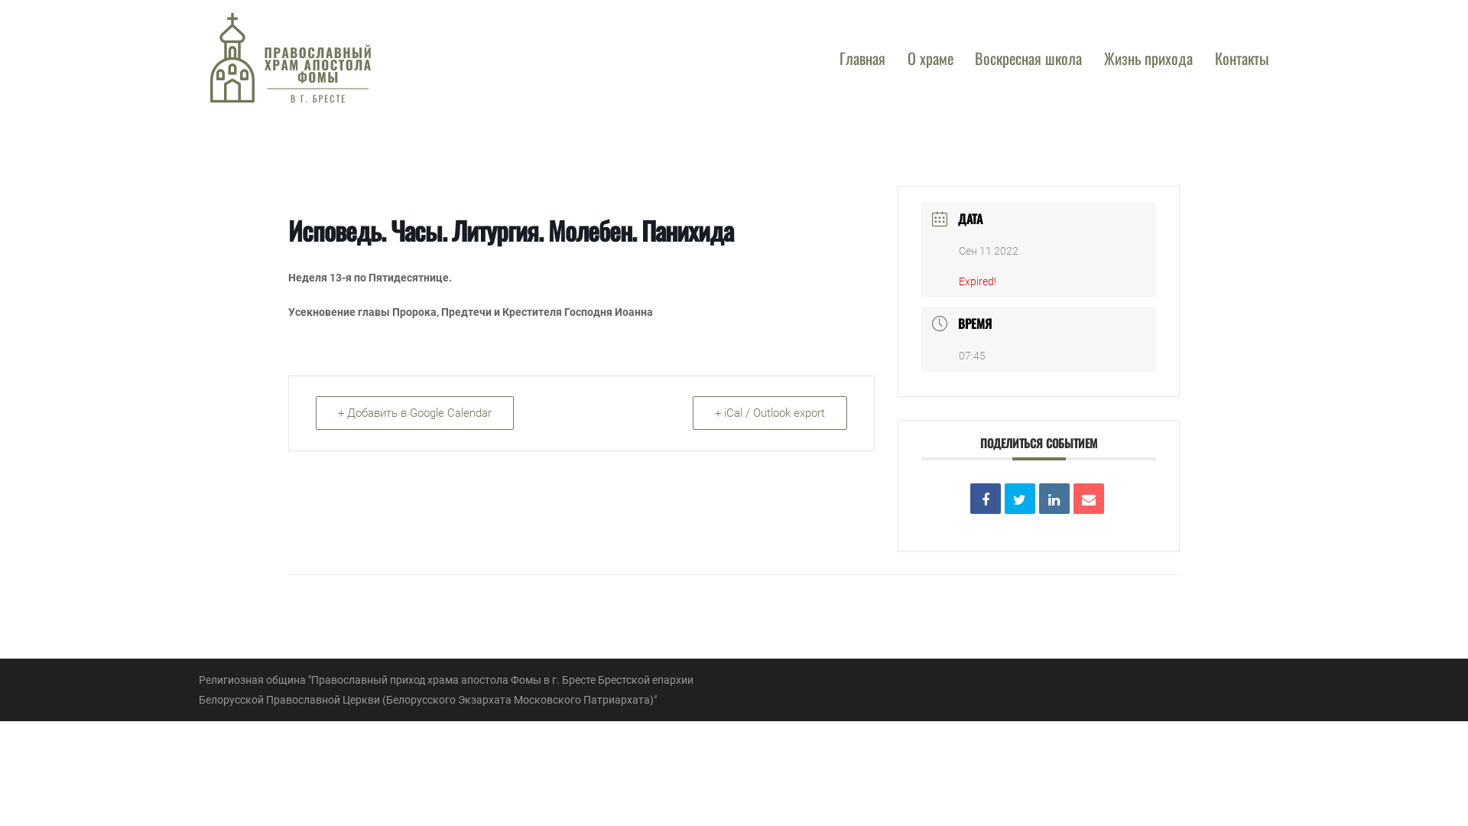 The image size is (1468, 826). I want to click on 'Tweet', so click(1020, 498).